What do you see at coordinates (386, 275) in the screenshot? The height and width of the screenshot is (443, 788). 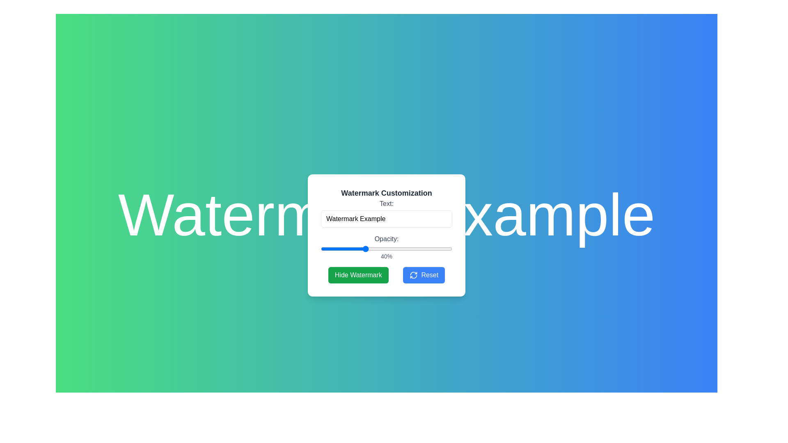 I see `the button labeled 'Hide Watermark' which has a green background and white text` at bounding box center [386, 275].